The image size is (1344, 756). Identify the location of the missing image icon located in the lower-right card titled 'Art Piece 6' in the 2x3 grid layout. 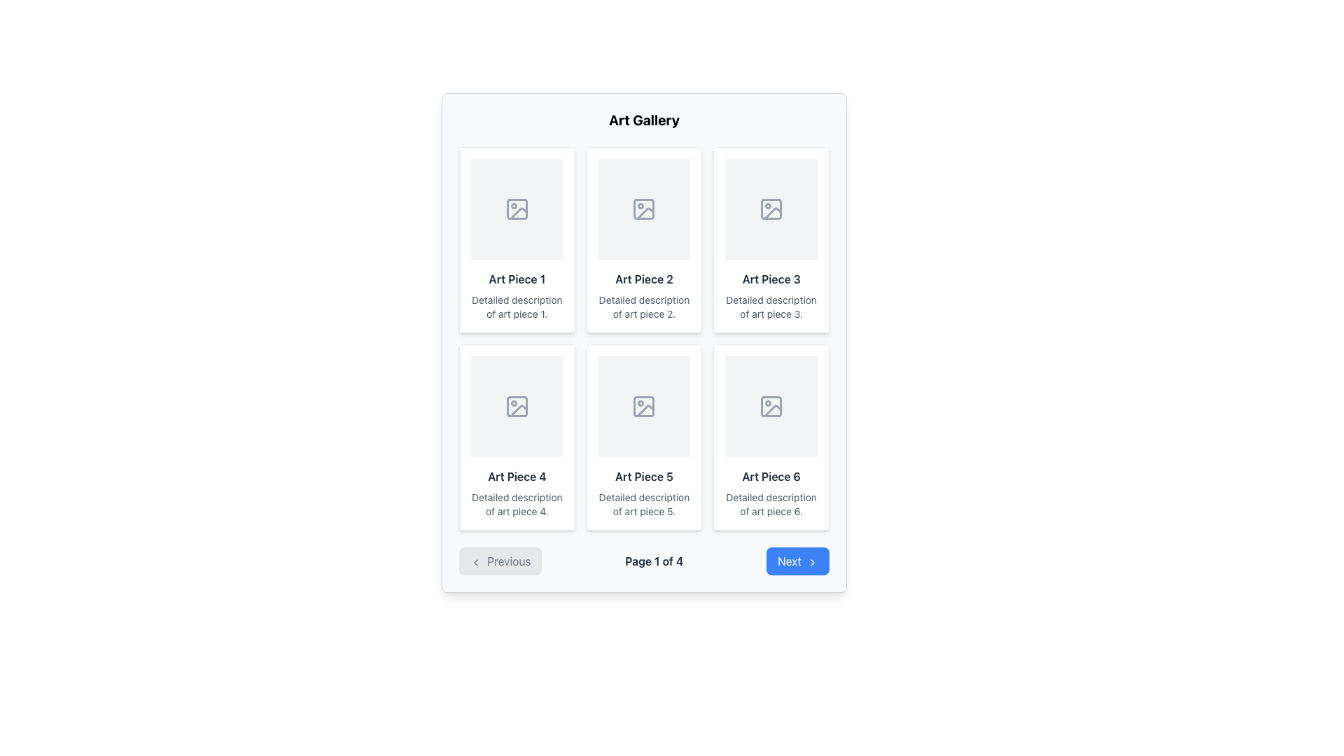
(772, 410).